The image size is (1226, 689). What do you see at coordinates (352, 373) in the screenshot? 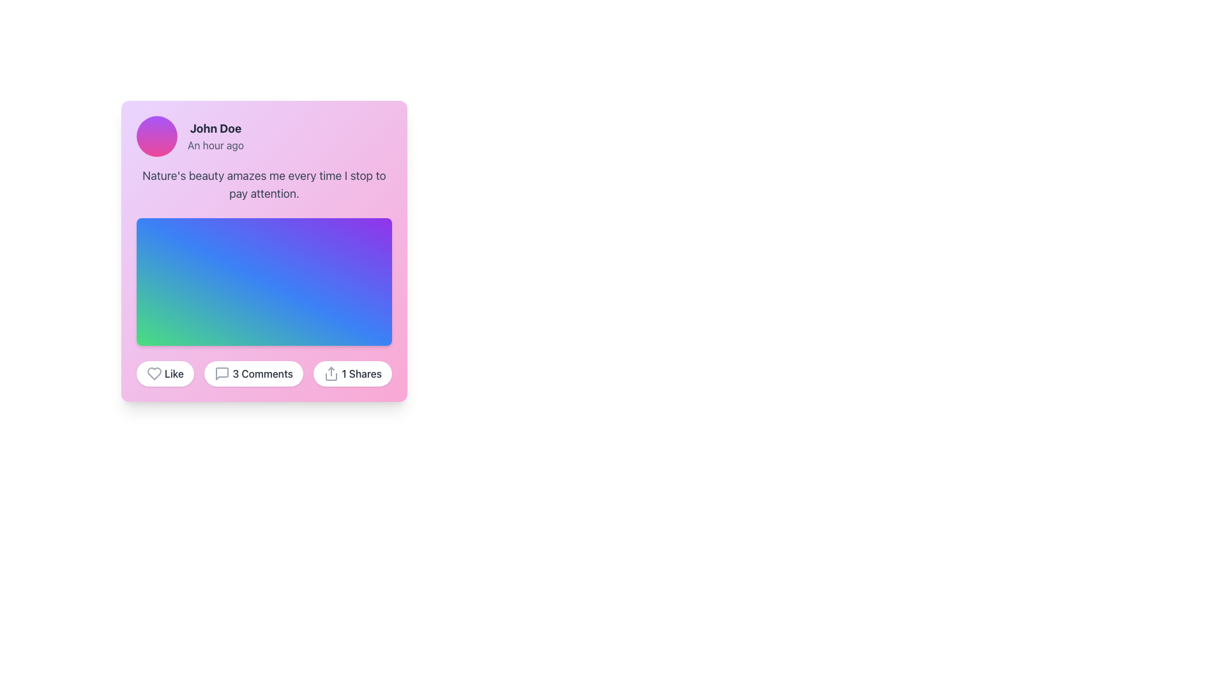
I see `the pill-shaped share button with a white background and gray share icon labeled '1 Shares' located at the bottom right of the card` at bounding box center [352, 373].